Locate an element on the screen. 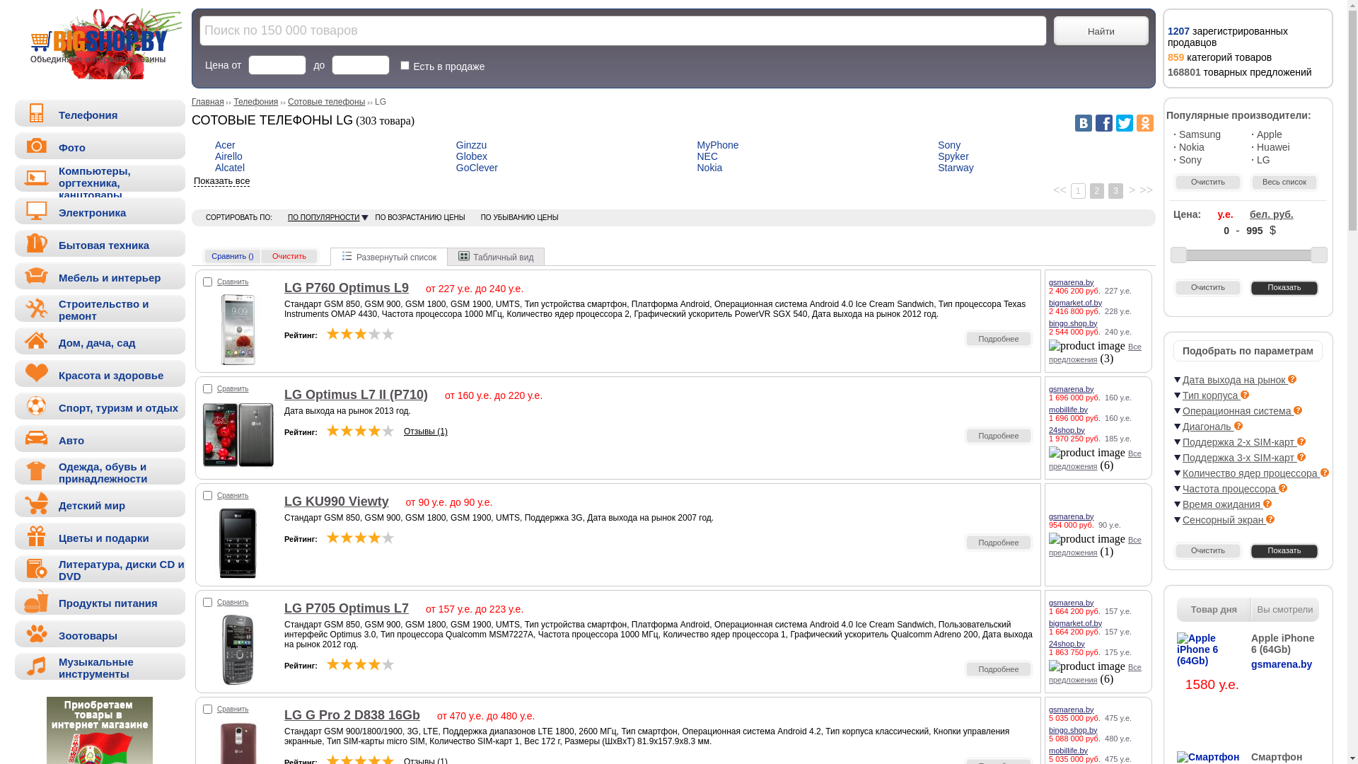 The width and height of the screenshot is (1358, 764). 'Starway' is located at coordinates (937, 166).